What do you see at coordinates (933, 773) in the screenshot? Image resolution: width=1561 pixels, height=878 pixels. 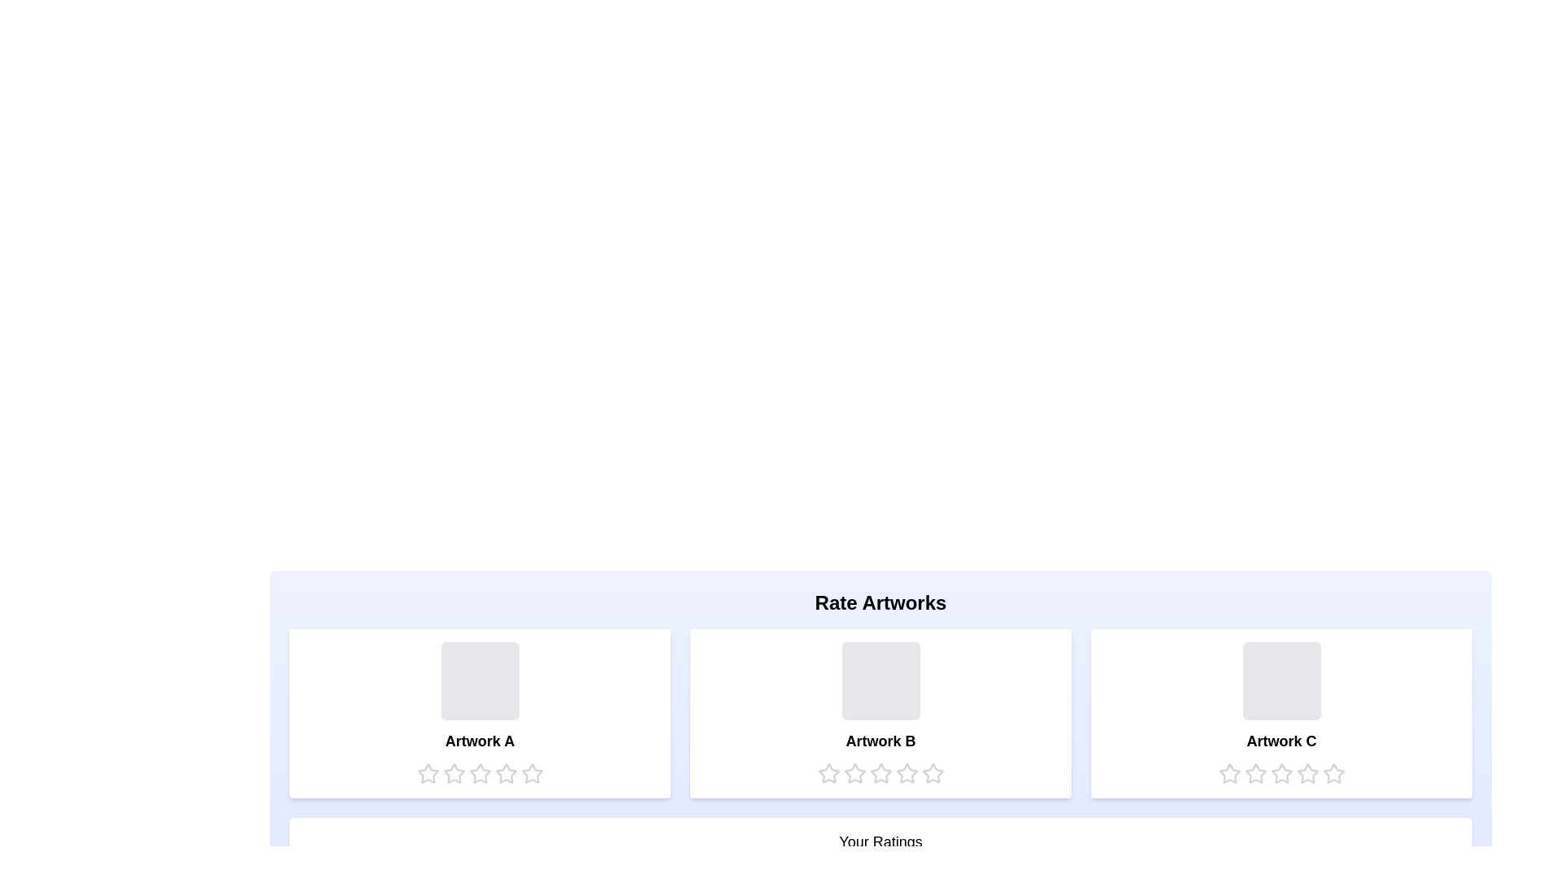 I see `the star corresponding to the rating 5 for the artwork Artwork B` at bounding box center [933, 773].